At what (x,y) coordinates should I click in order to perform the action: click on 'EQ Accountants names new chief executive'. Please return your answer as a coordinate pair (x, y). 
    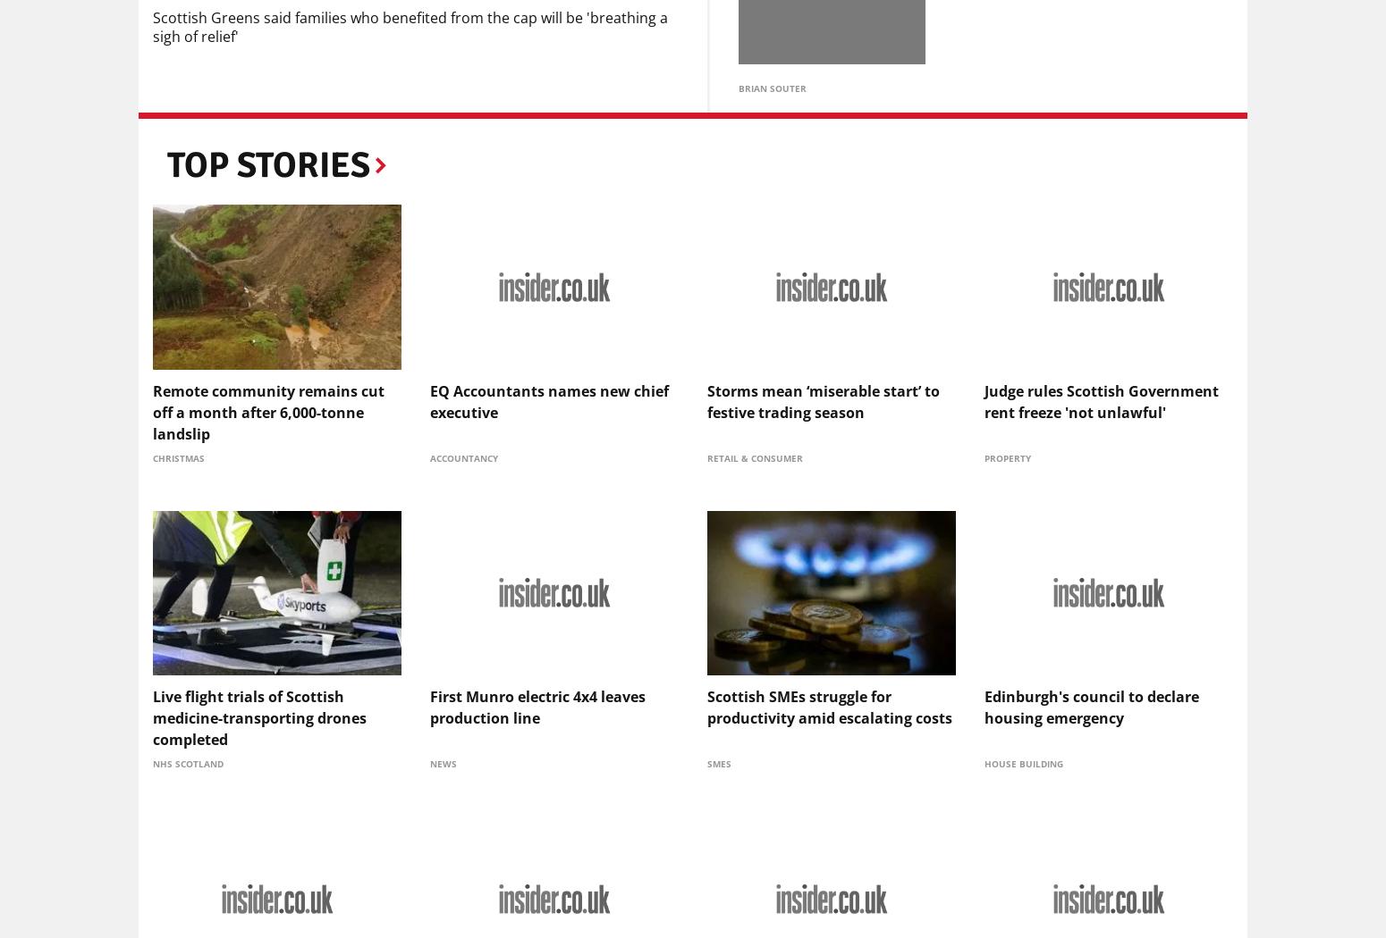
    Looking at the image, I should click on (549, 402).